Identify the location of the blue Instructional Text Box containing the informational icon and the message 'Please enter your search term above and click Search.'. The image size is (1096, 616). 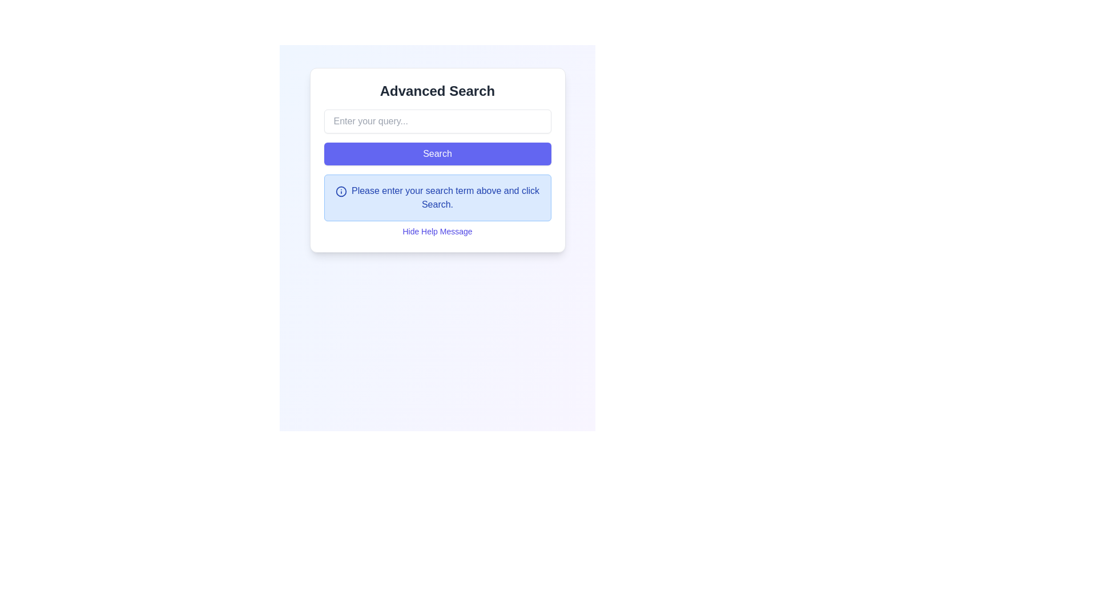
(437, 197).